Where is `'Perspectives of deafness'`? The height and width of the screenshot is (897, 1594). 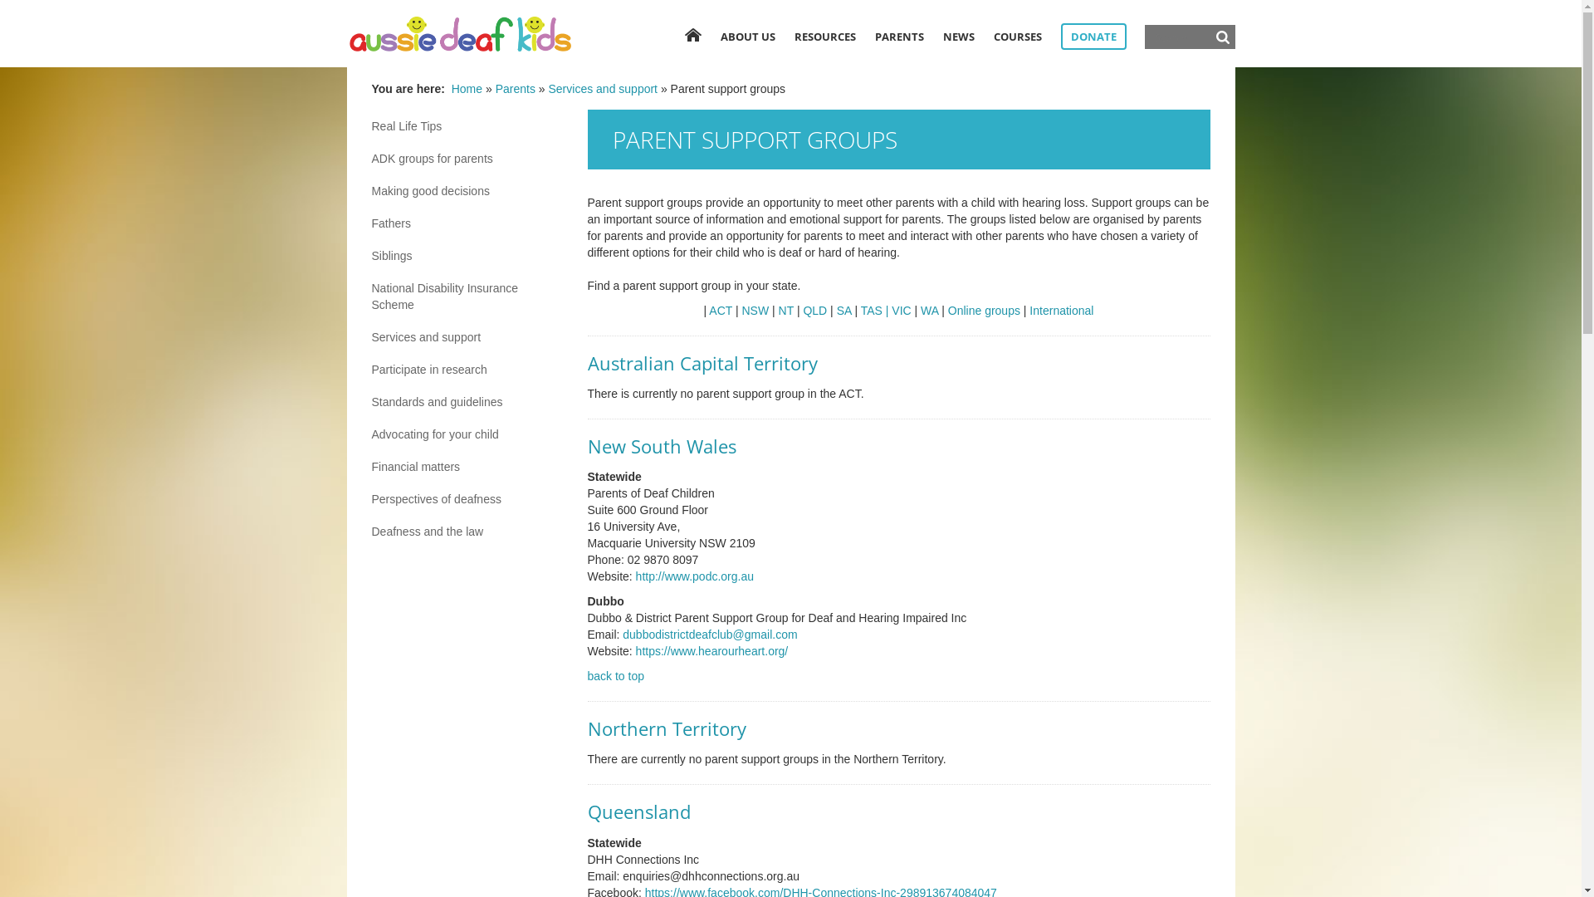 'Perspectives of deafness' is located at coordinates (466, 498).